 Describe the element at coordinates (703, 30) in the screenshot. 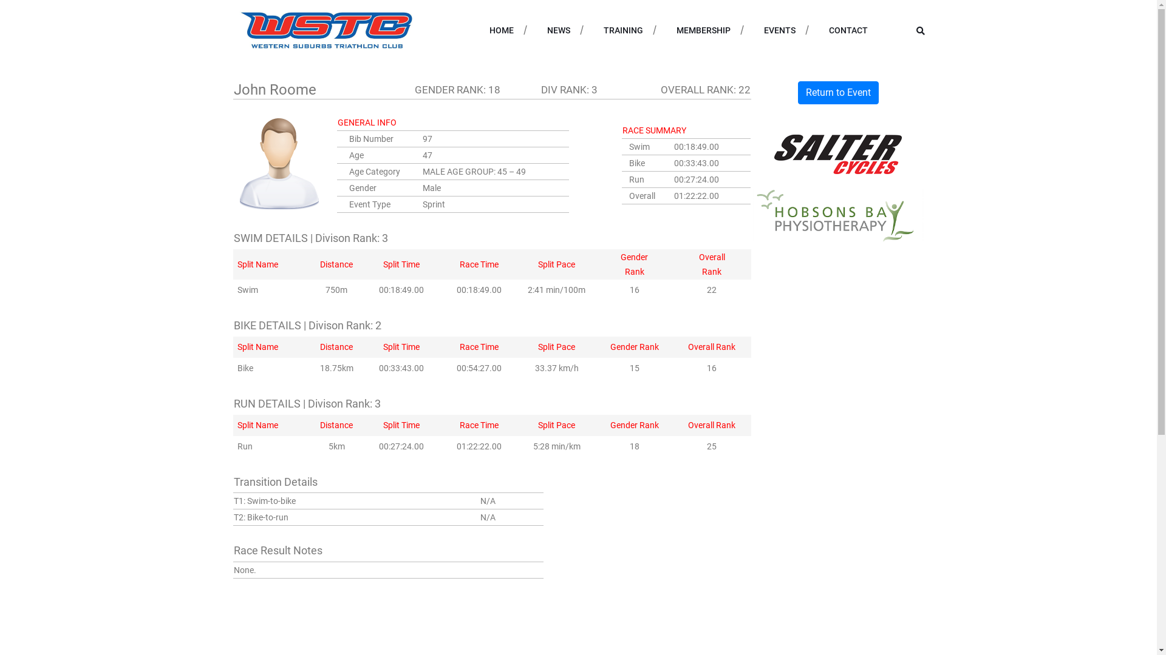

I see `'MEMBERSHIP'` at that location.